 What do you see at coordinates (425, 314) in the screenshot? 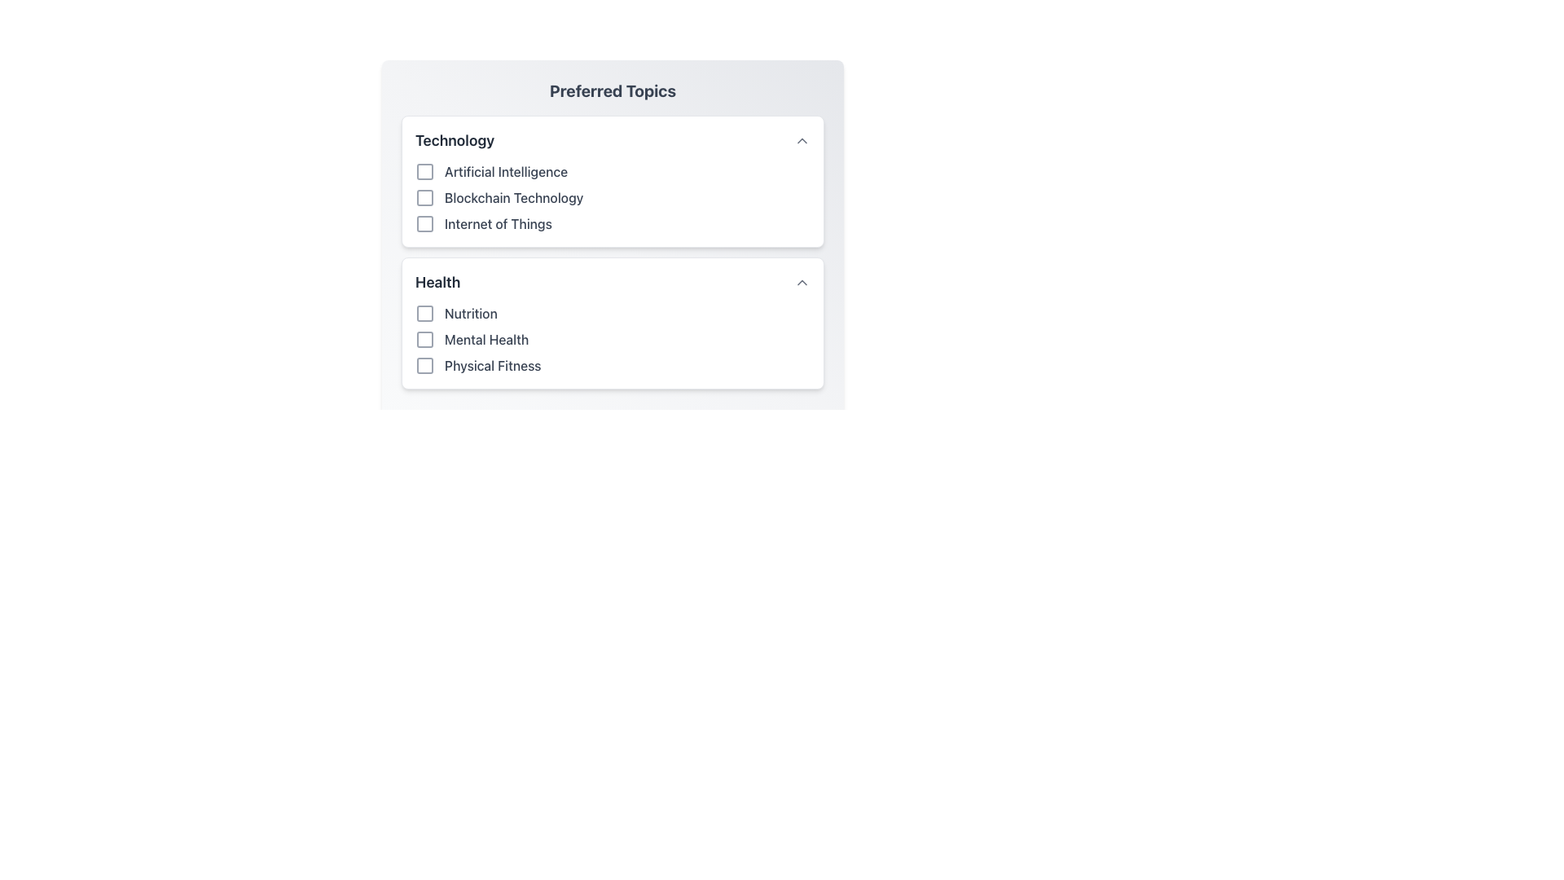
I see `the checkbox with a gray border located to the left of the 'Nutrition' text in the 'Health' section` at bounding box center [425, 314].